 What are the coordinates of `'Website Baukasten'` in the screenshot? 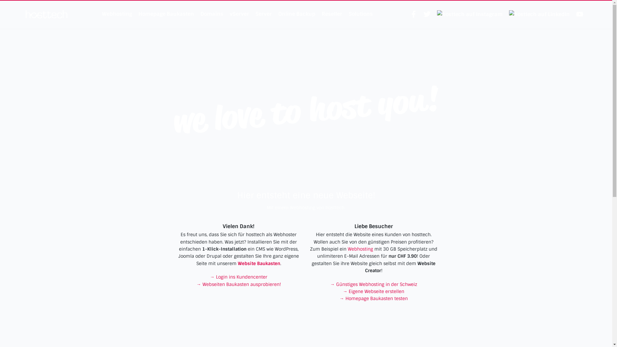 It's located at (237, 263).